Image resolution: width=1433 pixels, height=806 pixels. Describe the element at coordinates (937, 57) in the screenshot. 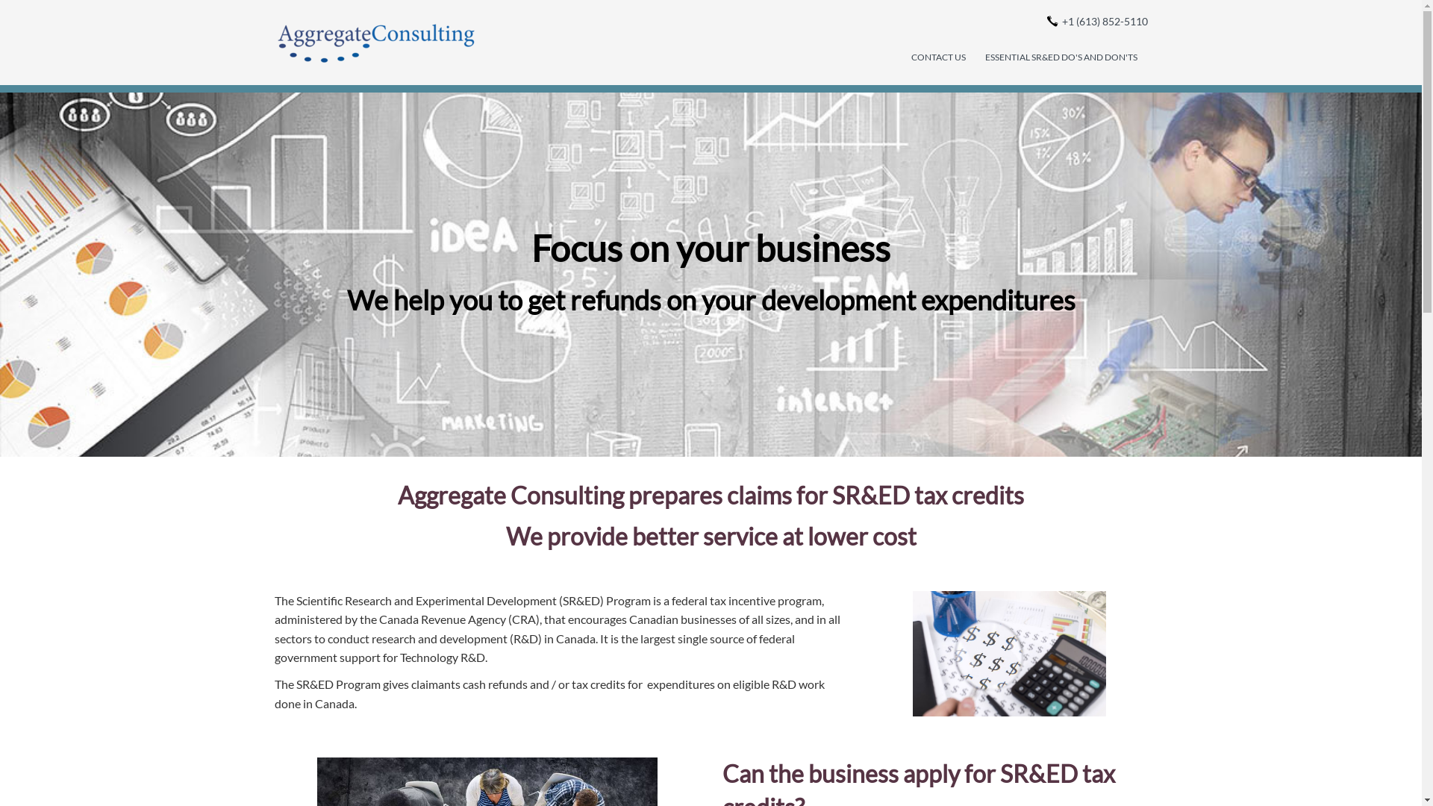

I see `'CONTACT US'` at that location.